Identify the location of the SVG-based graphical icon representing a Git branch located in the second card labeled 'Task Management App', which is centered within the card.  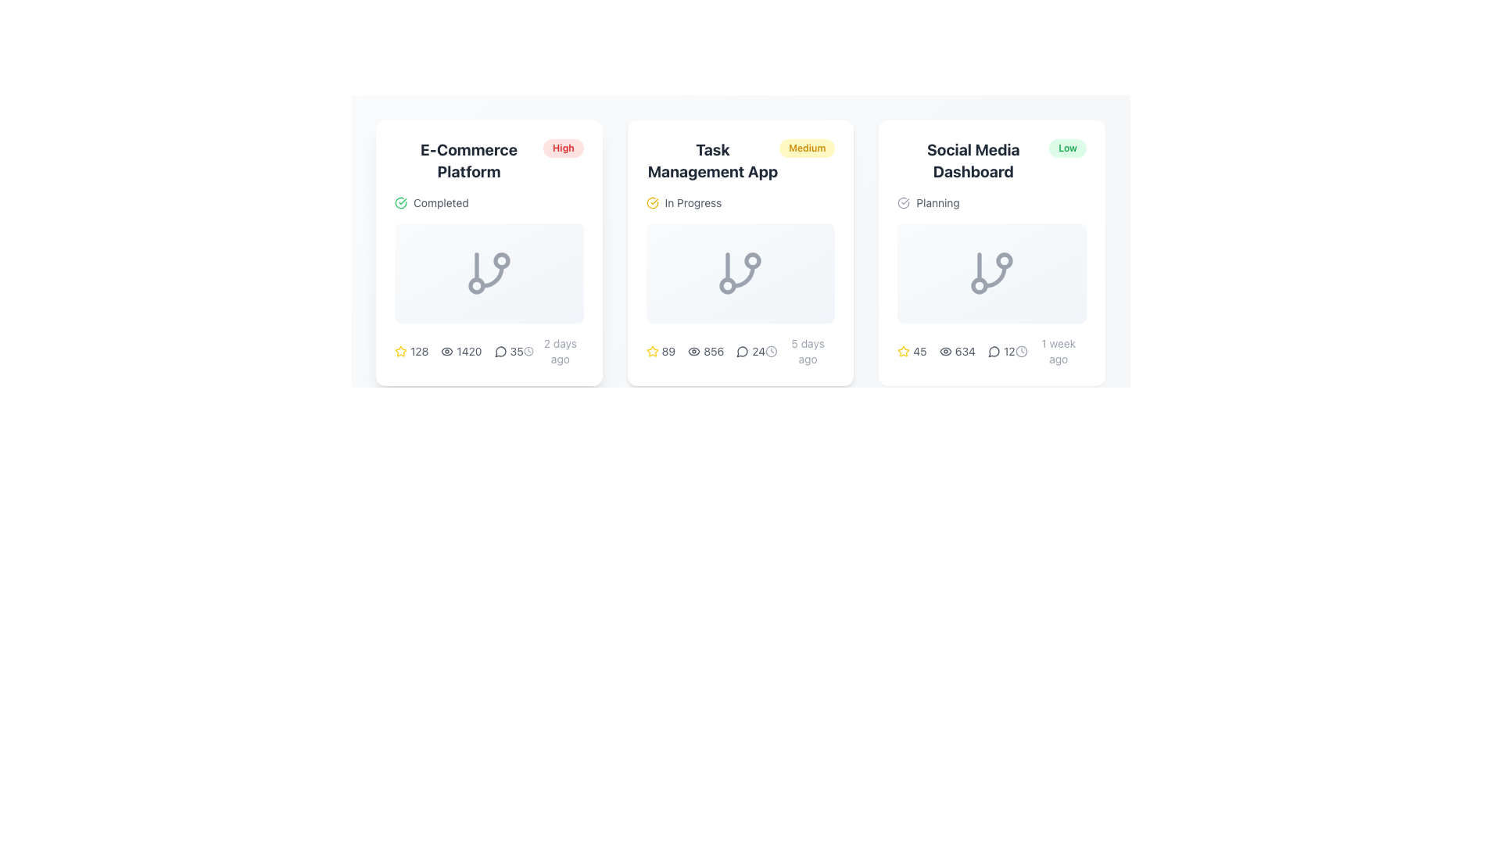
(740, 273).